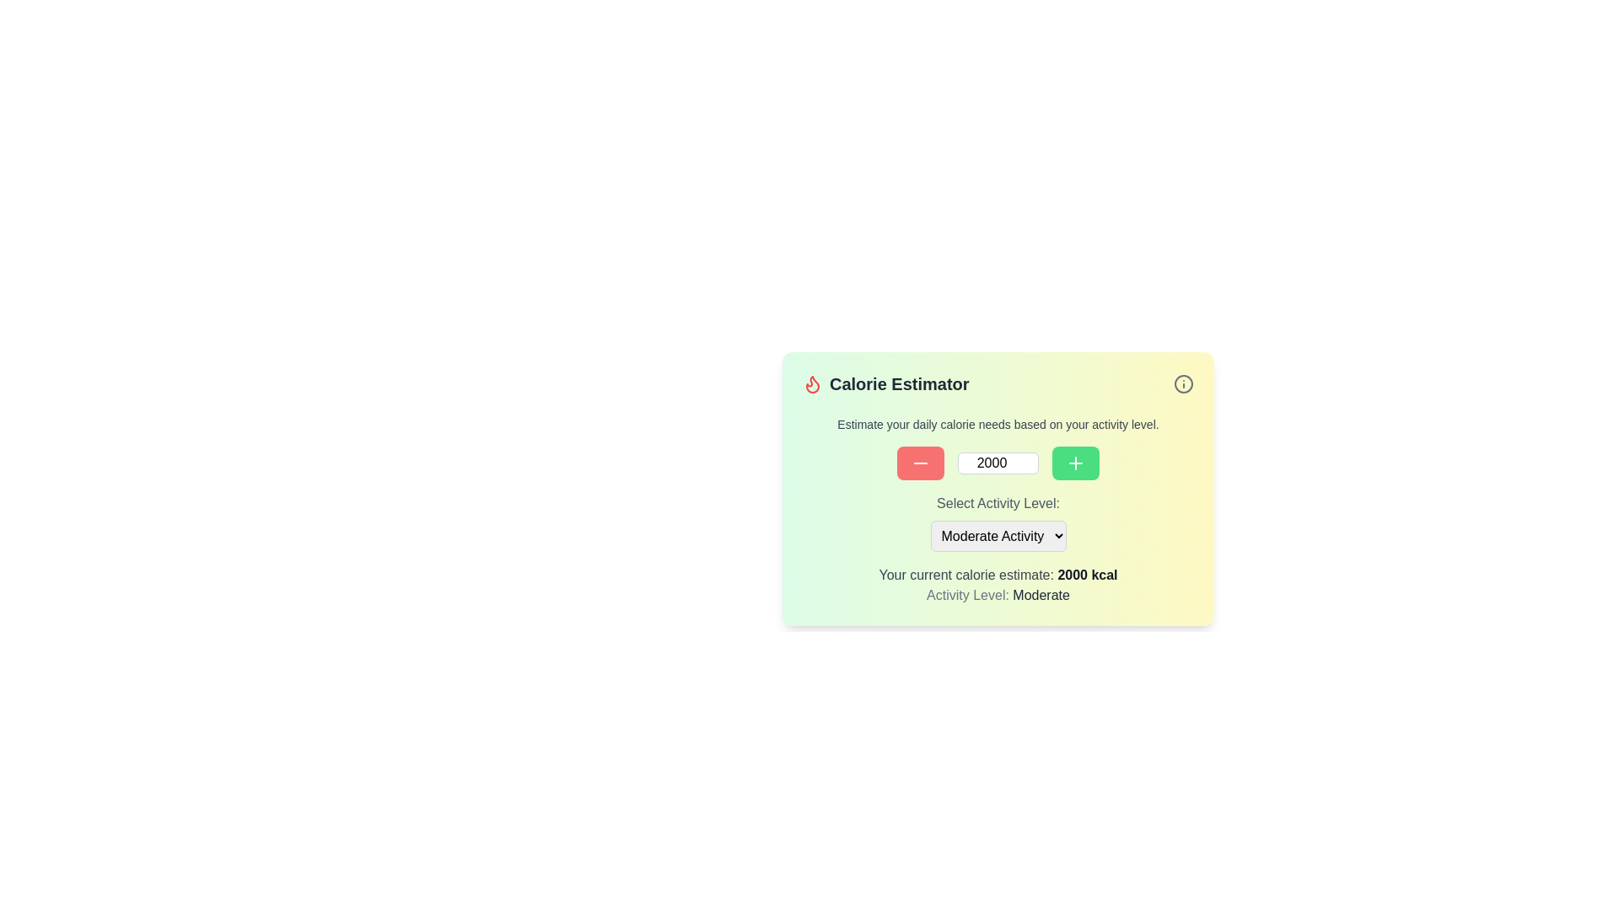 The image size is (1619, 910). I want to click on the downward-facing triangle of the 'Select Activity Level' dropdown menu, so click(998, 522).